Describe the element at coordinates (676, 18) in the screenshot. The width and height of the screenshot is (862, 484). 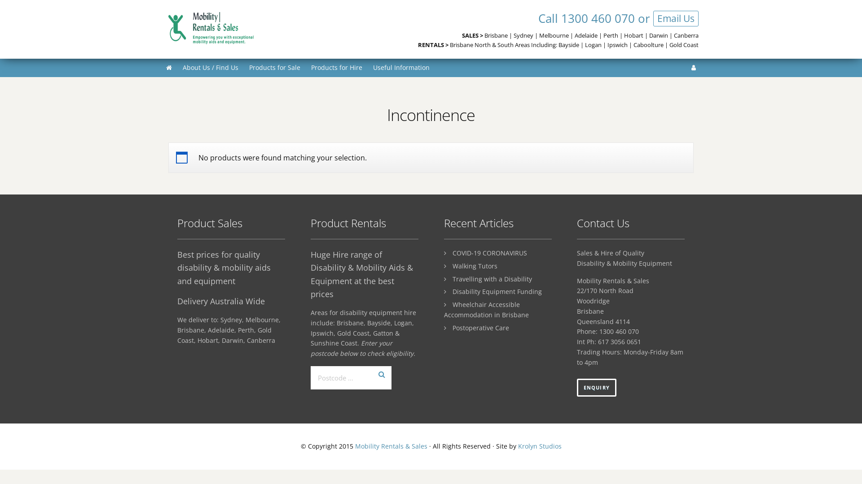
I see `'Email Us'` at that location.